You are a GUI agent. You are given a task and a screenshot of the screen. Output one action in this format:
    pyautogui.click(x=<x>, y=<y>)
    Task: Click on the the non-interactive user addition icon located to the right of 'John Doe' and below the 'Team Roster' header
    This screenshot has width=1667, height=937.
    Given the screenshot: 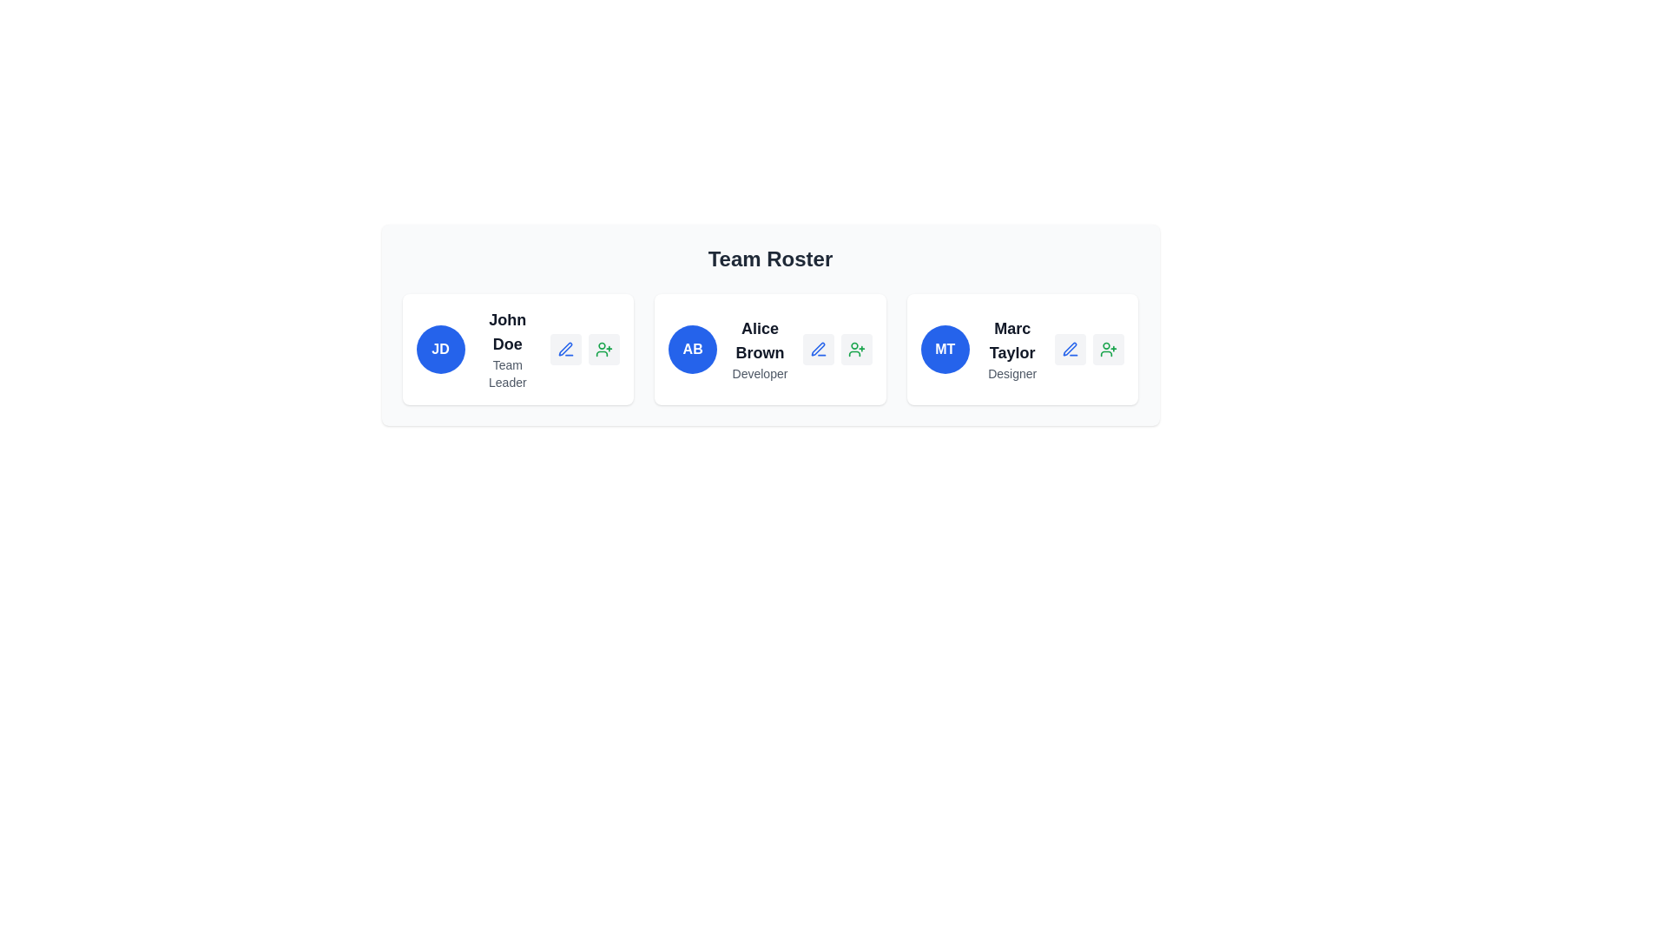 What is the action you would take?
    pyautogui.click(x=604, y=349)
    